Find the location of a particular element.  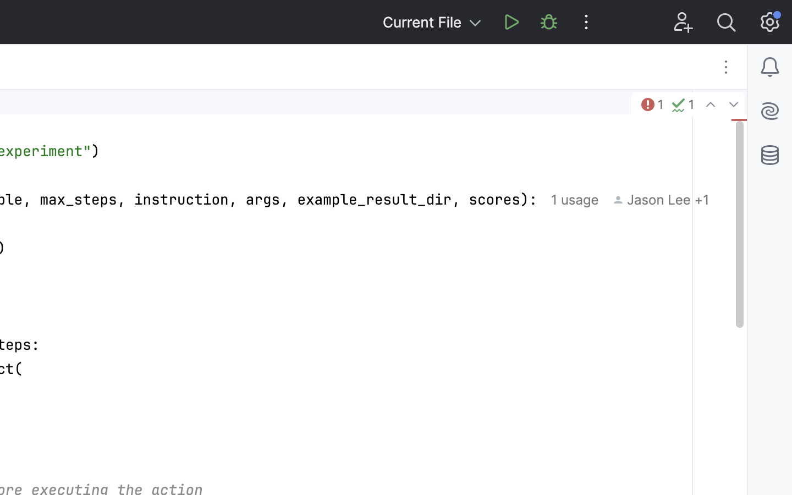

'1' is located at coordinates (651, 104).